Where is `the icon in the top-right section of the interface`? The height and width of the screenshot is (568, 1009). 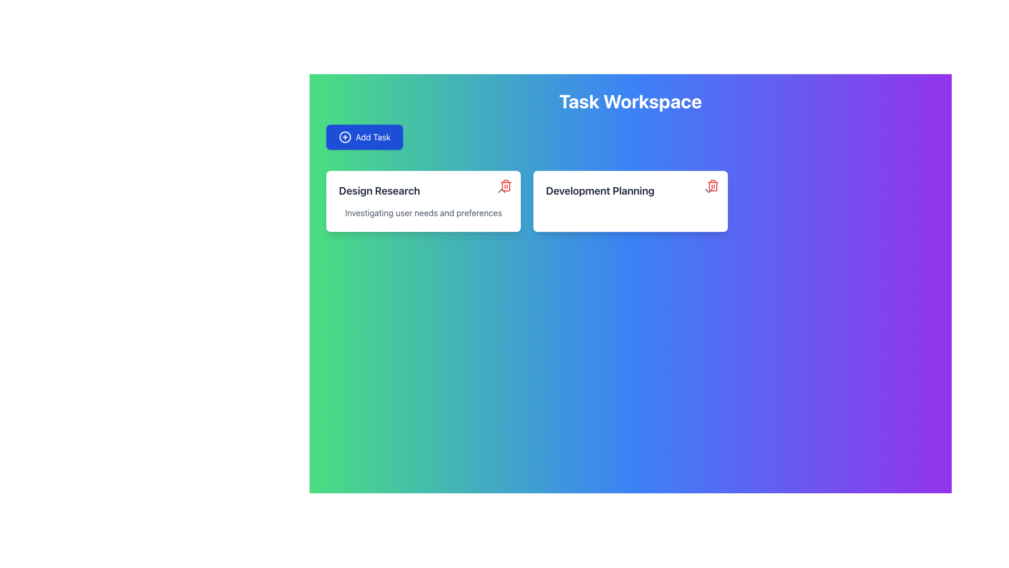
the icon in the top-right section of the interface is located at coordinates (708, 190).